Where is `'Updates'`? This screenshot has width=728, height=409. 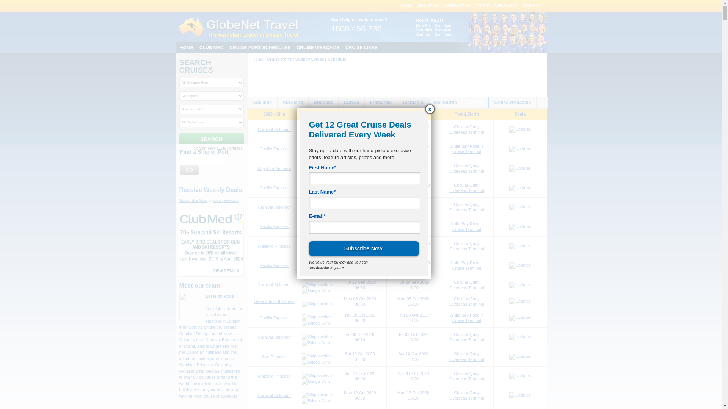 'Updates' is located at coordinates (519, 356).